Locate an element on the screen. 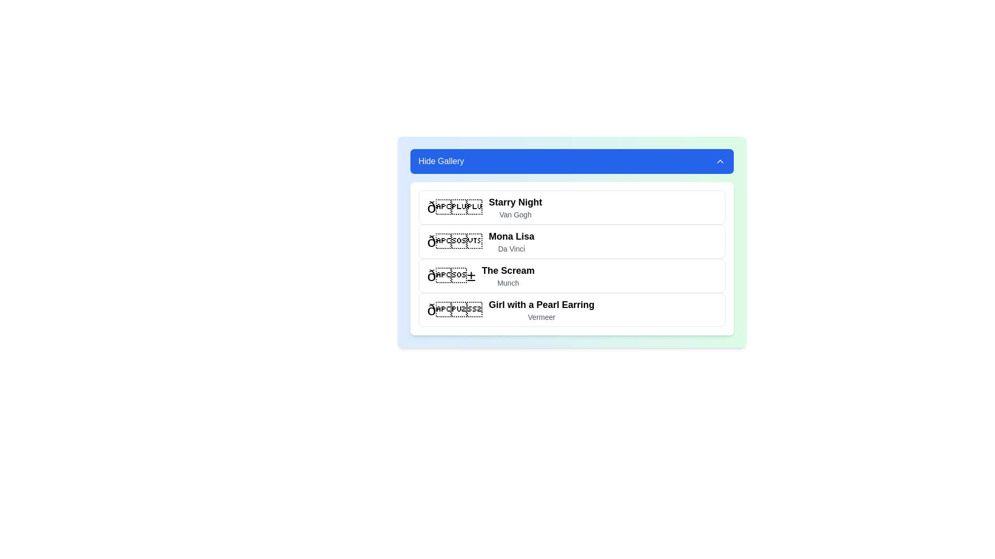 This screenshot has height=559, width=995. the text label displaying 'Mona Lisa', which is styled in bold and larger font, positioned above 'Da Vinci' in the list of famous paintings is located at coordinates (511, 236).